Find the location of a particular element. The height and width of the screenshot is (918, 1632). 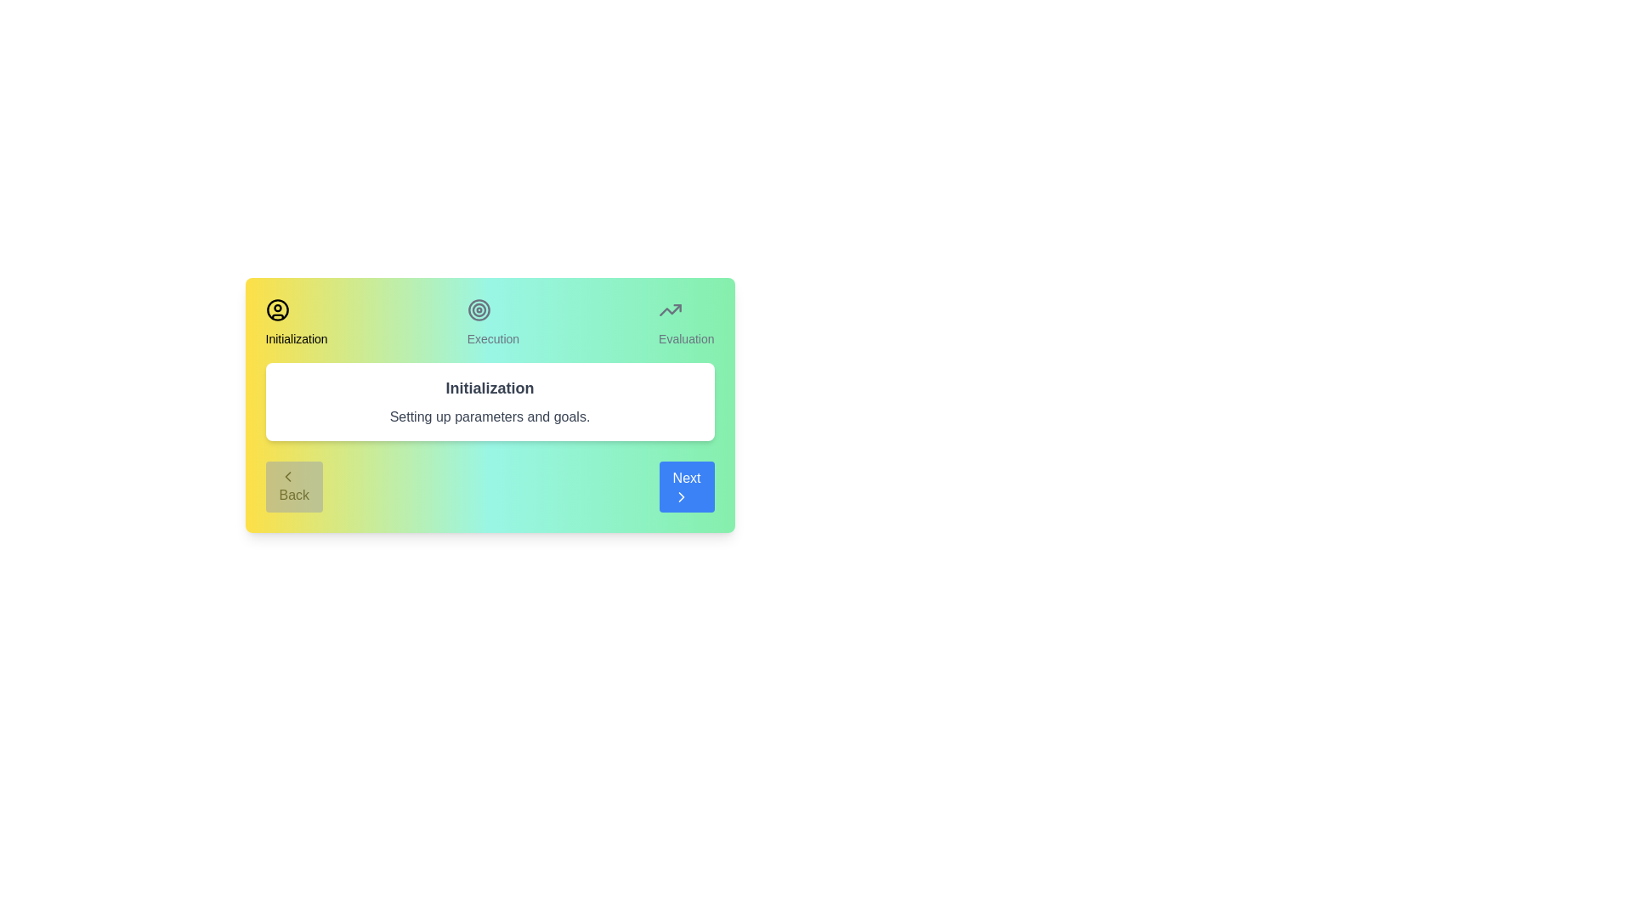

the Evaluation icon to navigate to the corresponding stage is located at coordinates (670, 310).